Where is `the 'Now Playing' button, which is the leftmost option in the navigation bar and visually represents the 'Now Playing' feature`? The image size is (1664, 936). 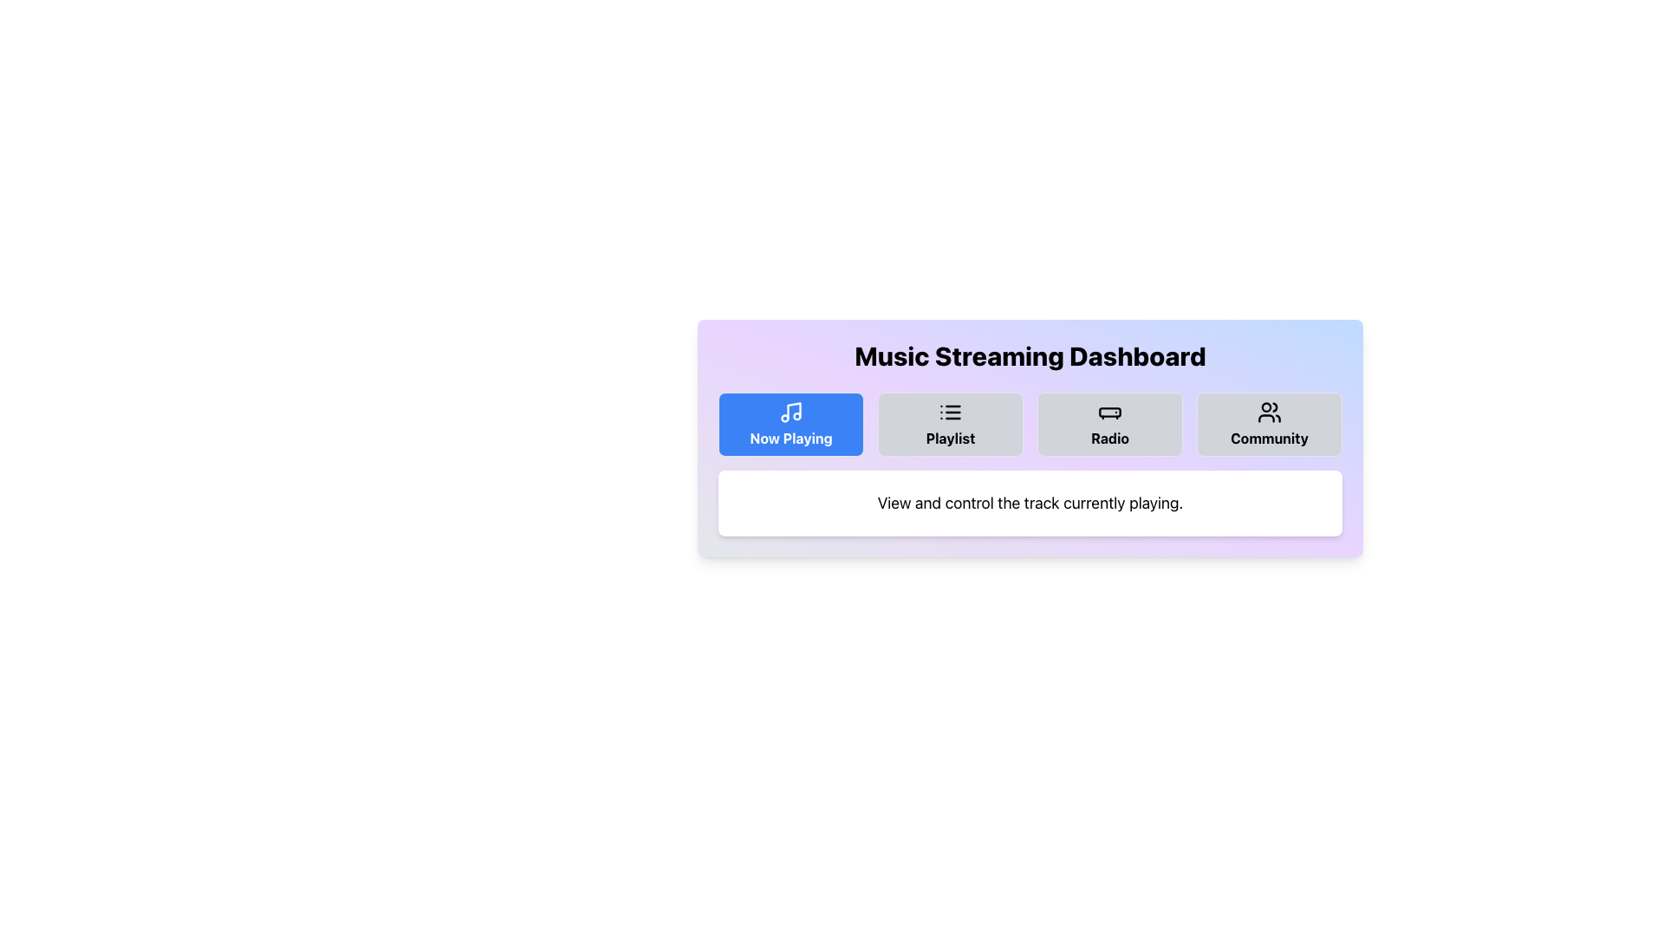 the 'Now Playing' button, which is the leftmost option in the navigation bar and visually represents the 'Now Playing' feature is located at coordinates (790, 412).